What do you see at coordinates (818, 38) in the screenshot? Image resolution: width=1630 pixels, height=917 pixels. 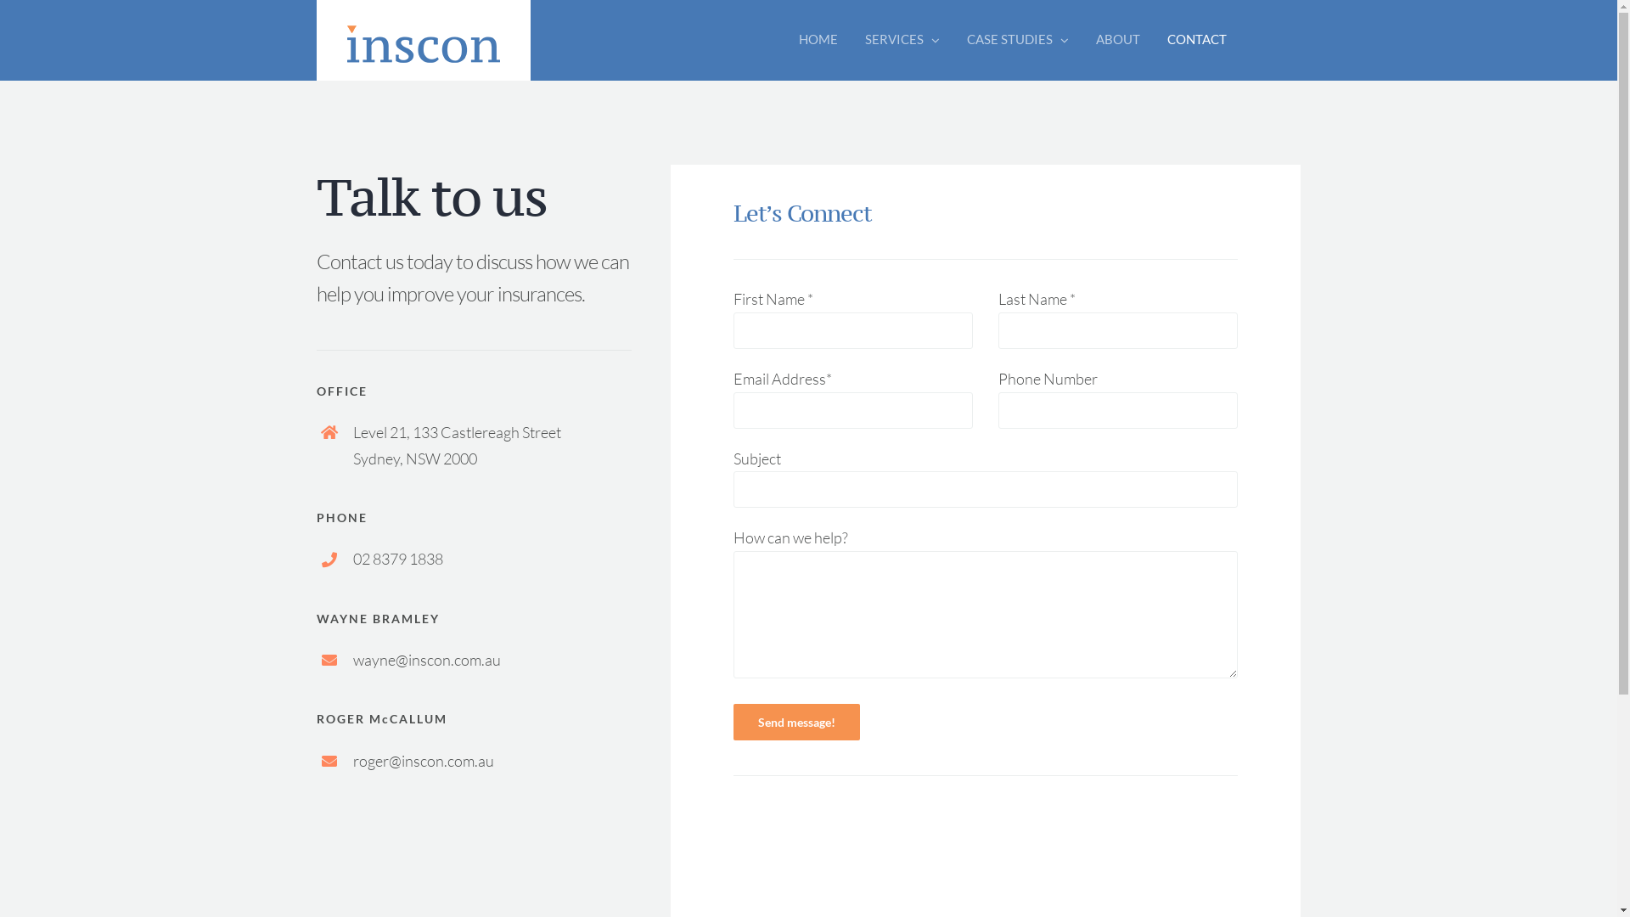 I see `'HOME'` at bounding box center [818, 38].